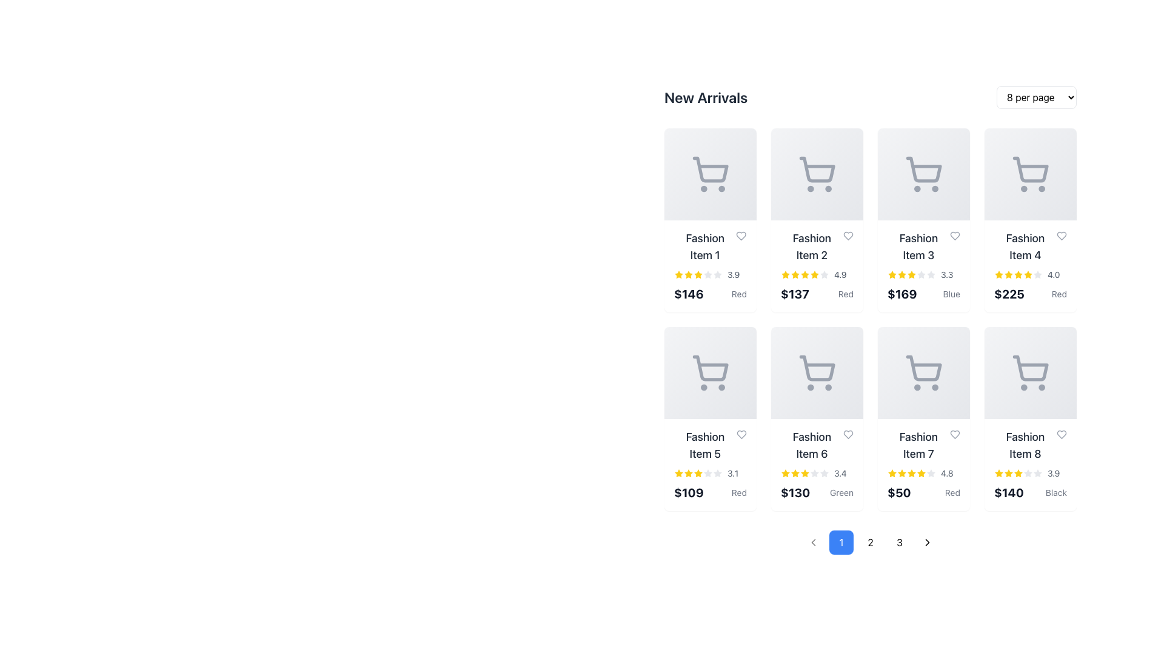 The image size is (1164, 654). What do you see at coordinates (795, 492) in the screenshot?
I see `the text label displaying the price of 'Fashion Item 6', which is located below the star rating and above the text 'Green'` at bounding box center [795, 492].